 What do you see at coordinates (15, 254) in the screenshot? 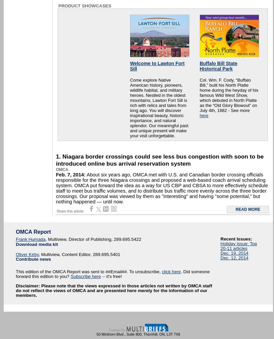
I see `'Oliver Kirby'` at bounding box center [15, 254].